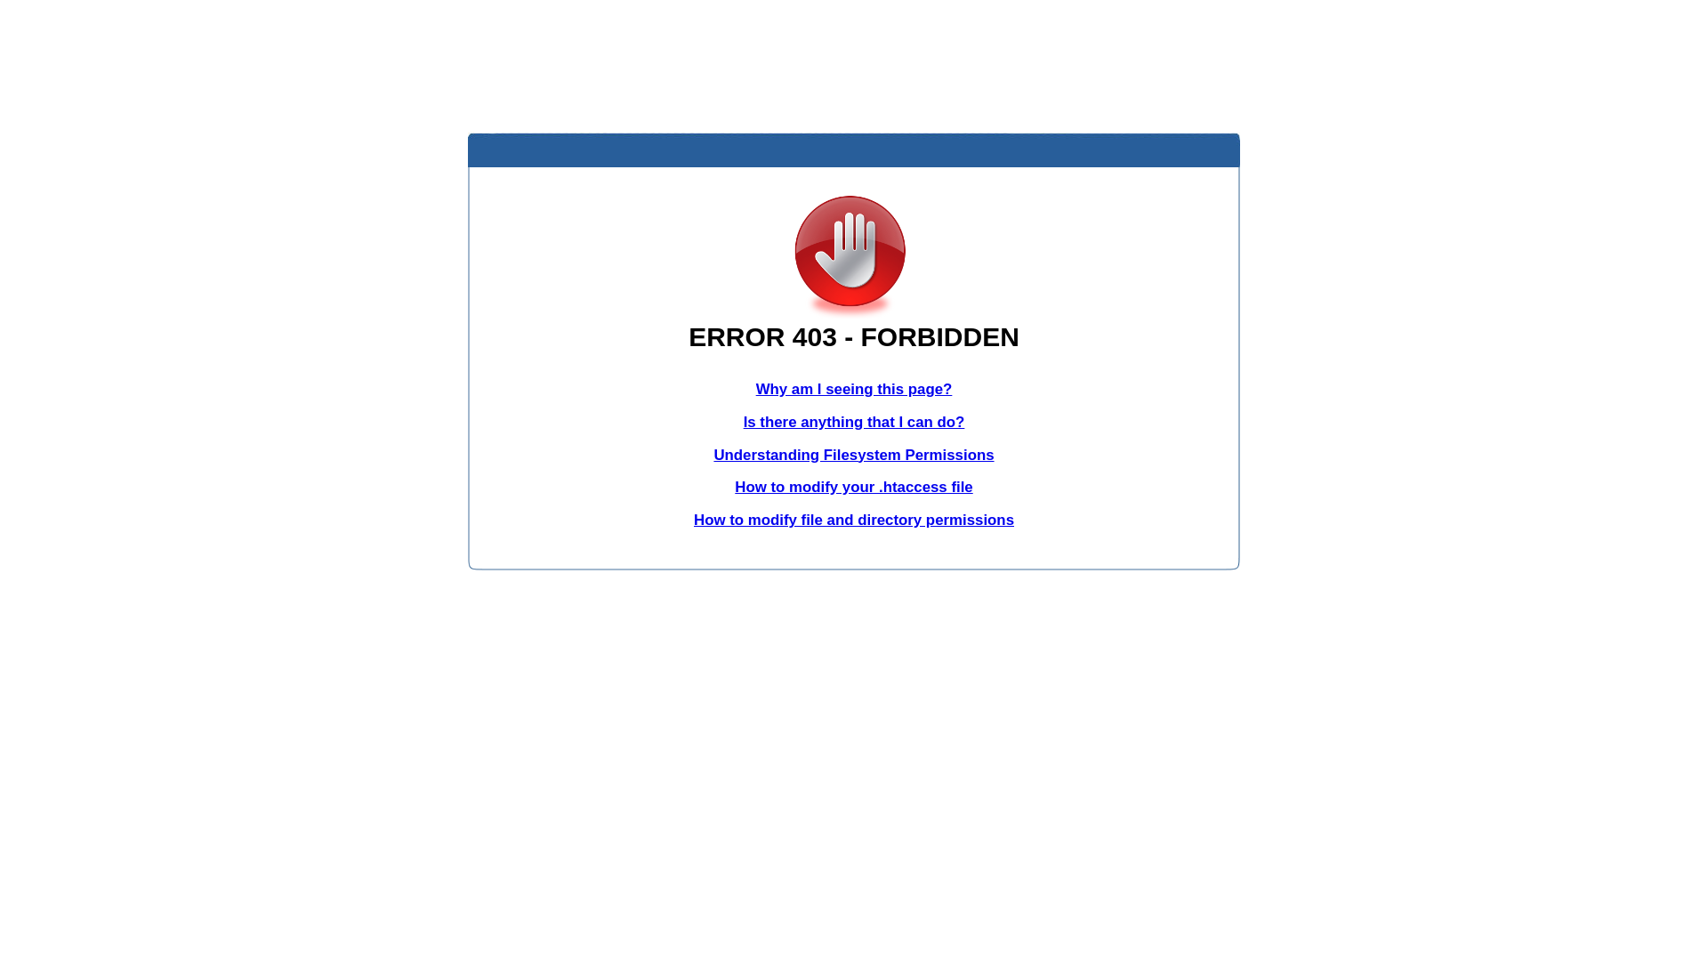 Image resolution: width=1708 pixels, height=961 pixels. Describe the element at coordinates (854, 422) in the screenshot. I see `'Is there anything that I can do?'` at that location.